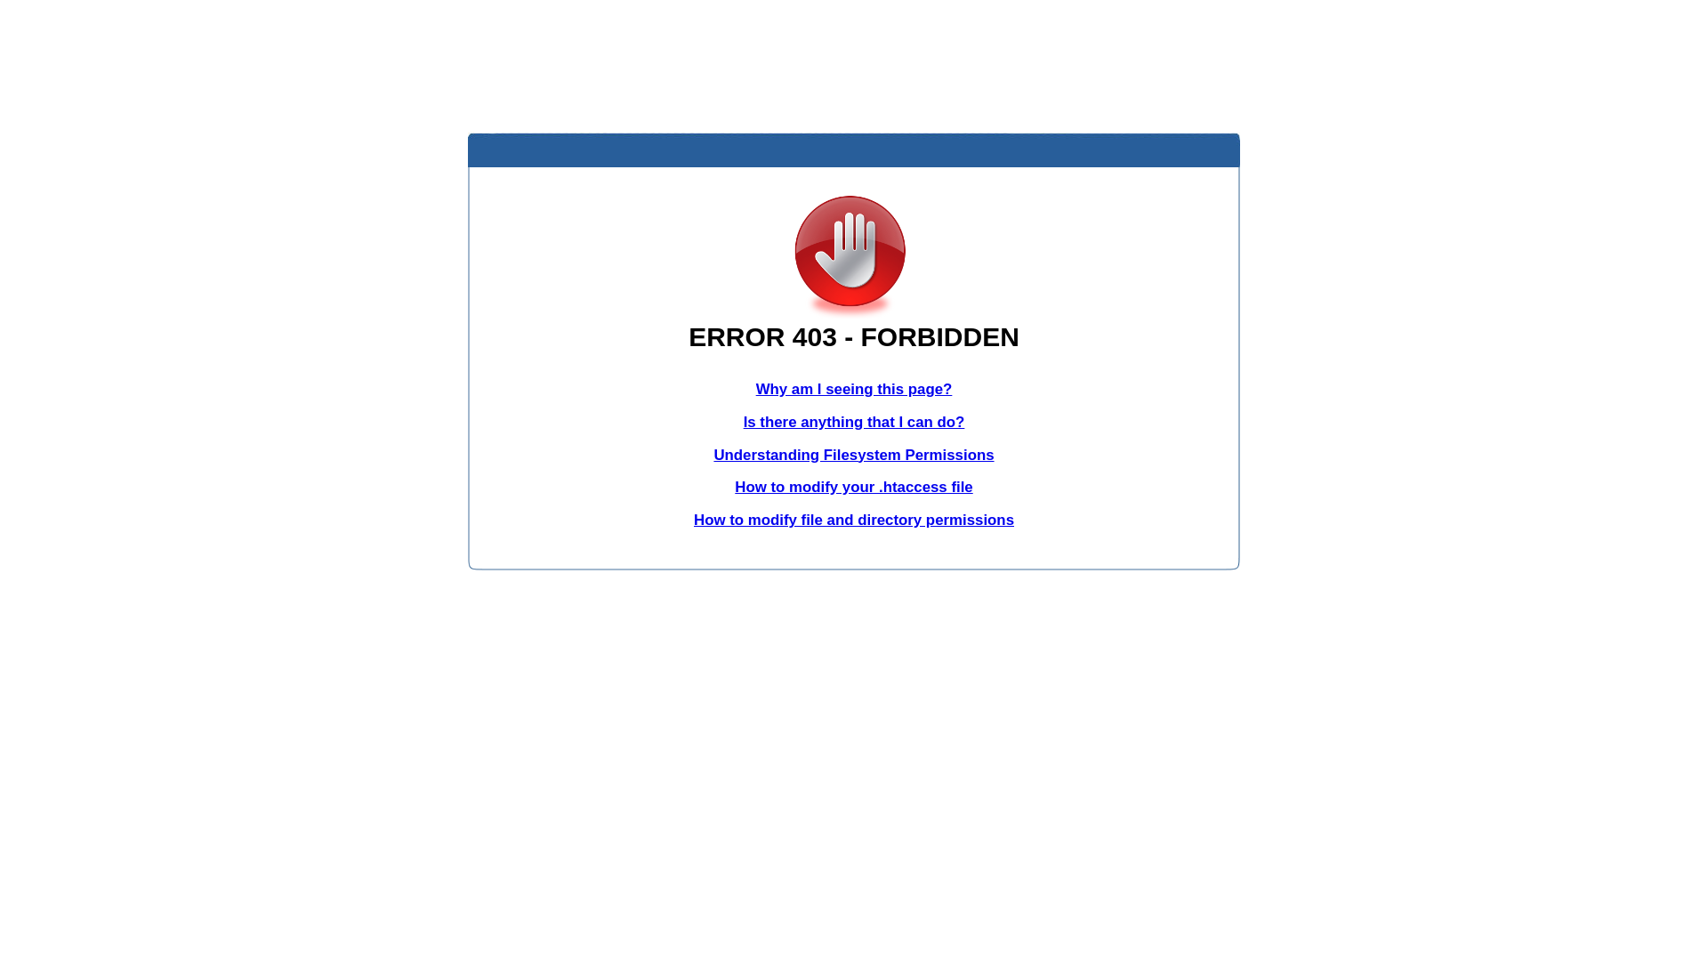 Image resolution: width=1708 pixels, height=961 pixels. Describe the element at coordinates (854, 422) in the screenshot. I see `'Is there anything that I can do?'` at that location.